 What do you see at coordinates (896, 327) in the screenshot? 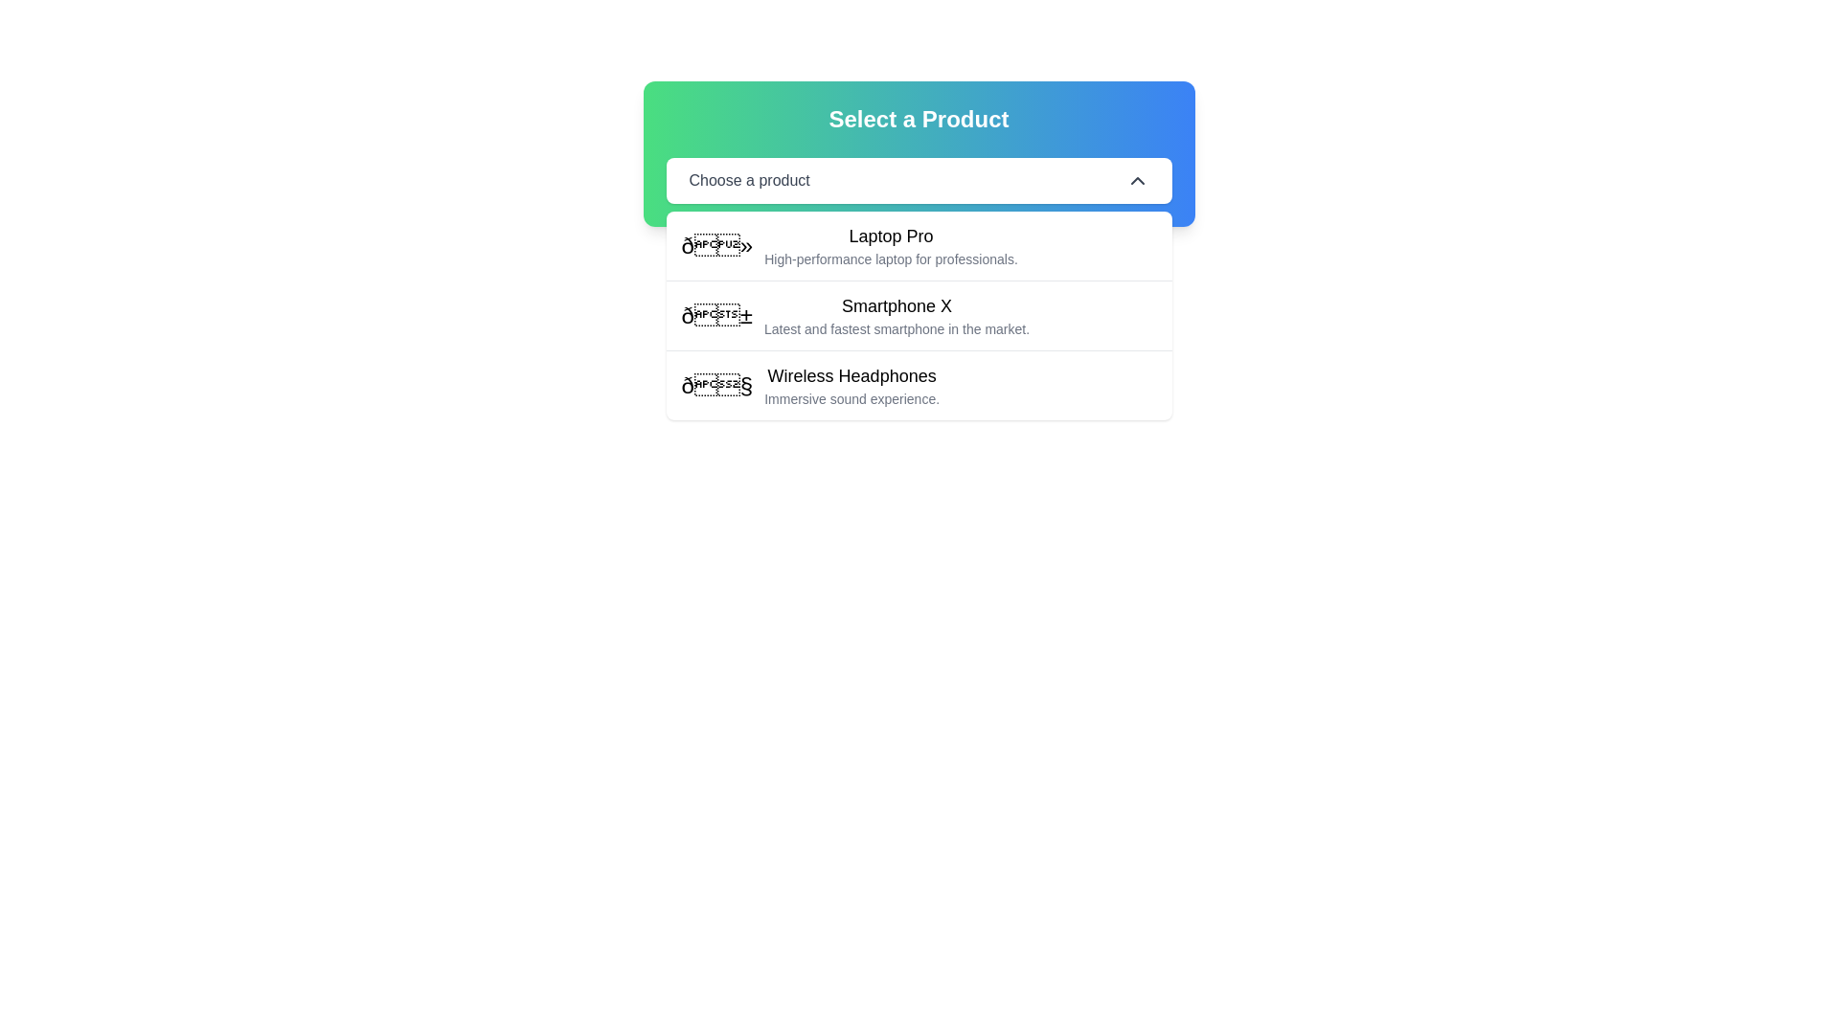
I see `text label that provides a brief description of the product option 'Smartphone X', which is located directly beneath the title in the dropdown options list` at bounding box center [896, 327].